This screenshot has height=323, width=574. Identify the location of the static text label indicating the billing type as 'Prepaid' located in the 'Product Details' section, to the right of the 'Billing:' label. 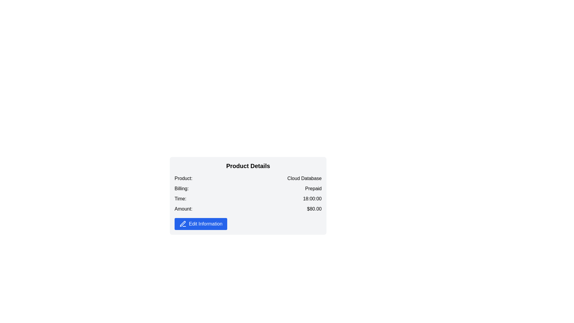
(313, 189).